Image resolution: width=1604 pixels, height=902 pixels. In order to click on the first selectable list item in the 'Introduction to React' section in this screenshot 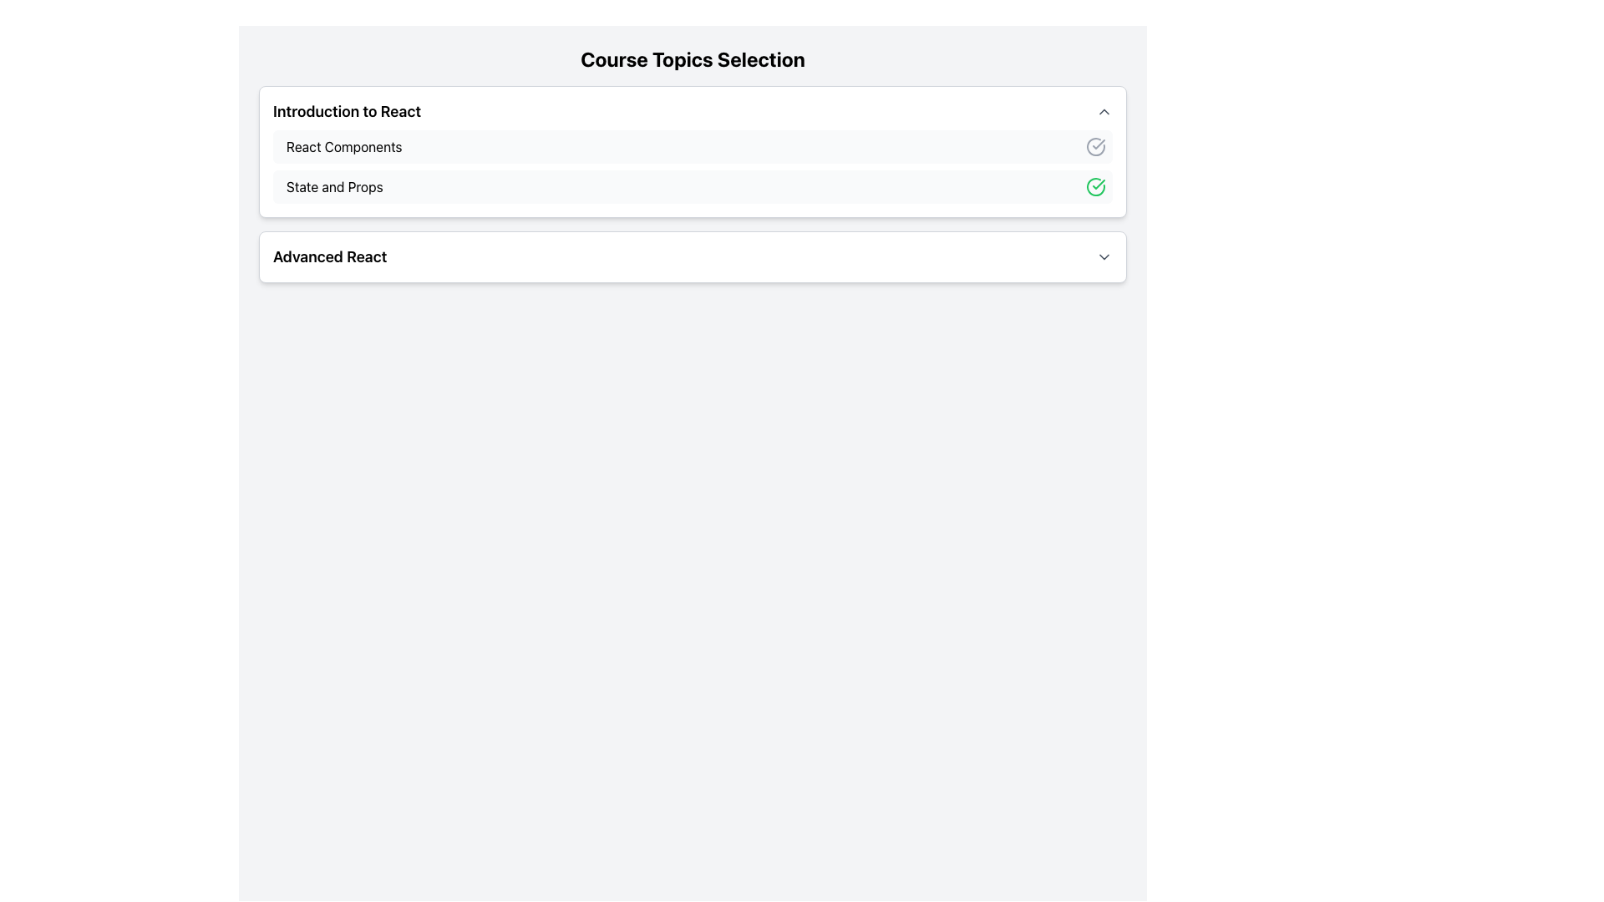, I will do `click(693, 146)`.